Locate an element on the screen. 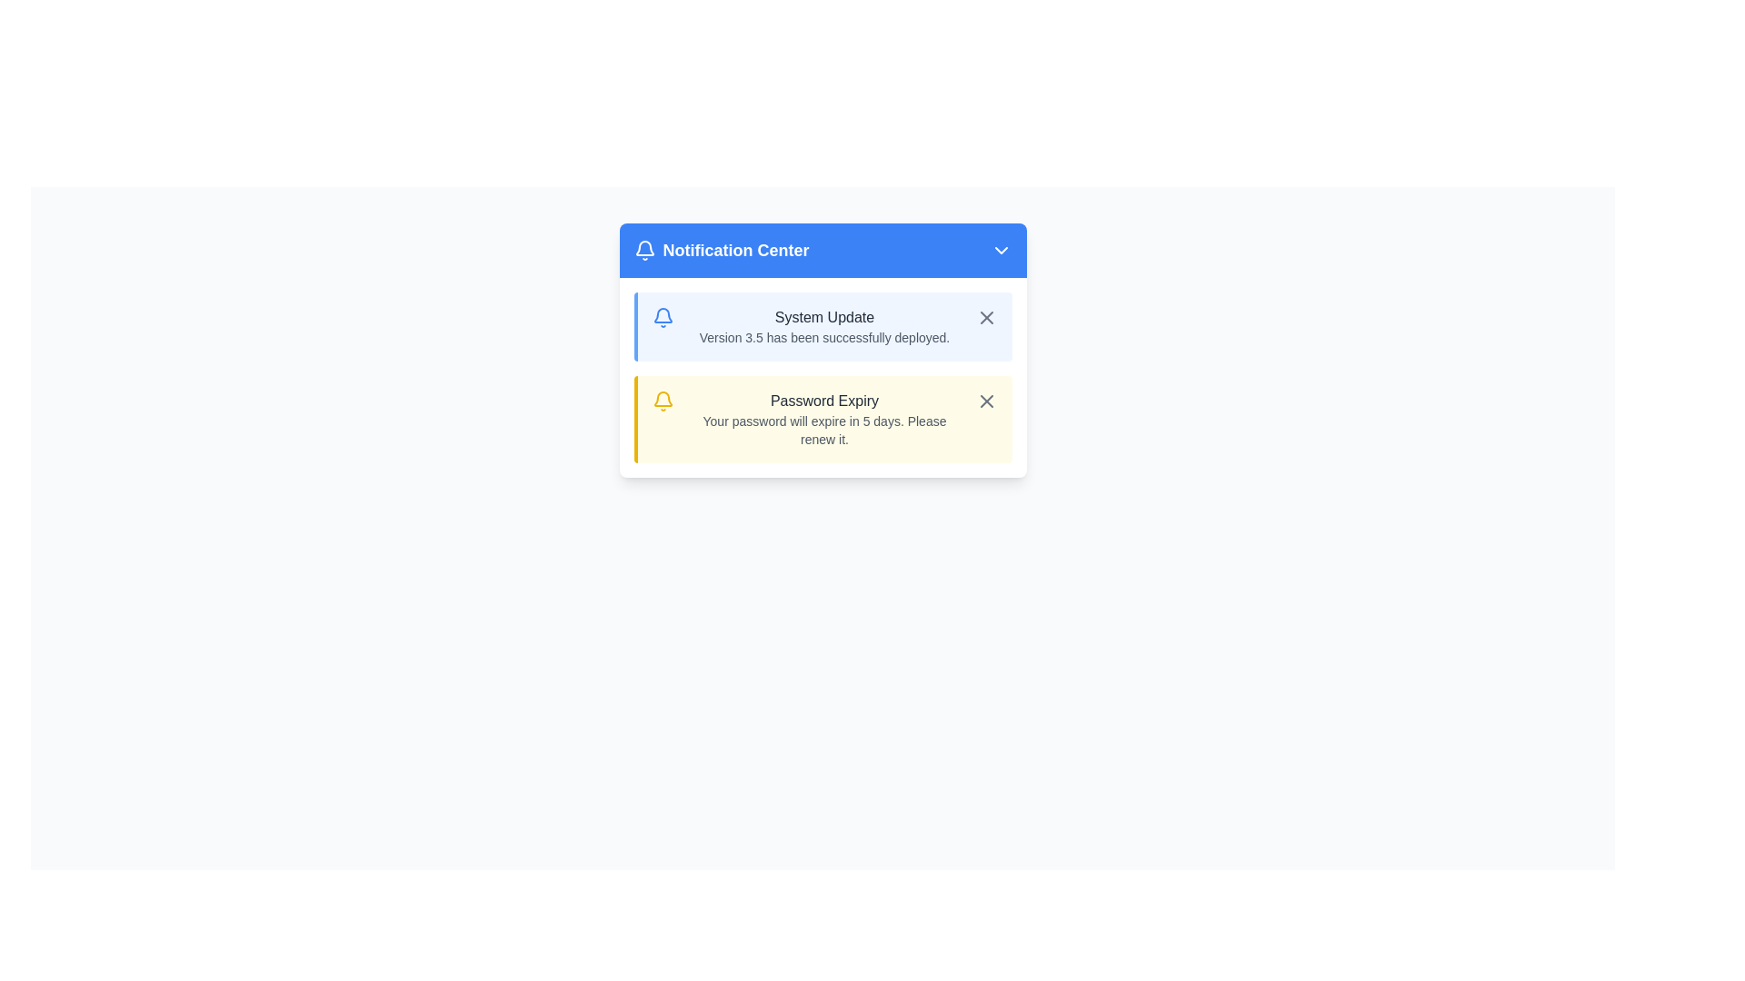 The height and width of the screenshot is (981, 1745). the Notification Card that informs the user about the password expiration in 5 days, located below the 'System Update' notification card is located at coordinates (822, 420).